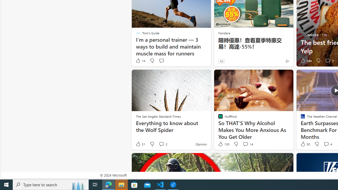 This screenshot has width=338, height=190. I want to click on '130 Like', so click(223, 144).